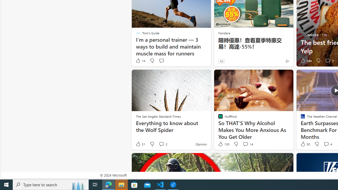 This screenshot has width=338, height=190. I want to click on '130 Like', so click(223, 144).